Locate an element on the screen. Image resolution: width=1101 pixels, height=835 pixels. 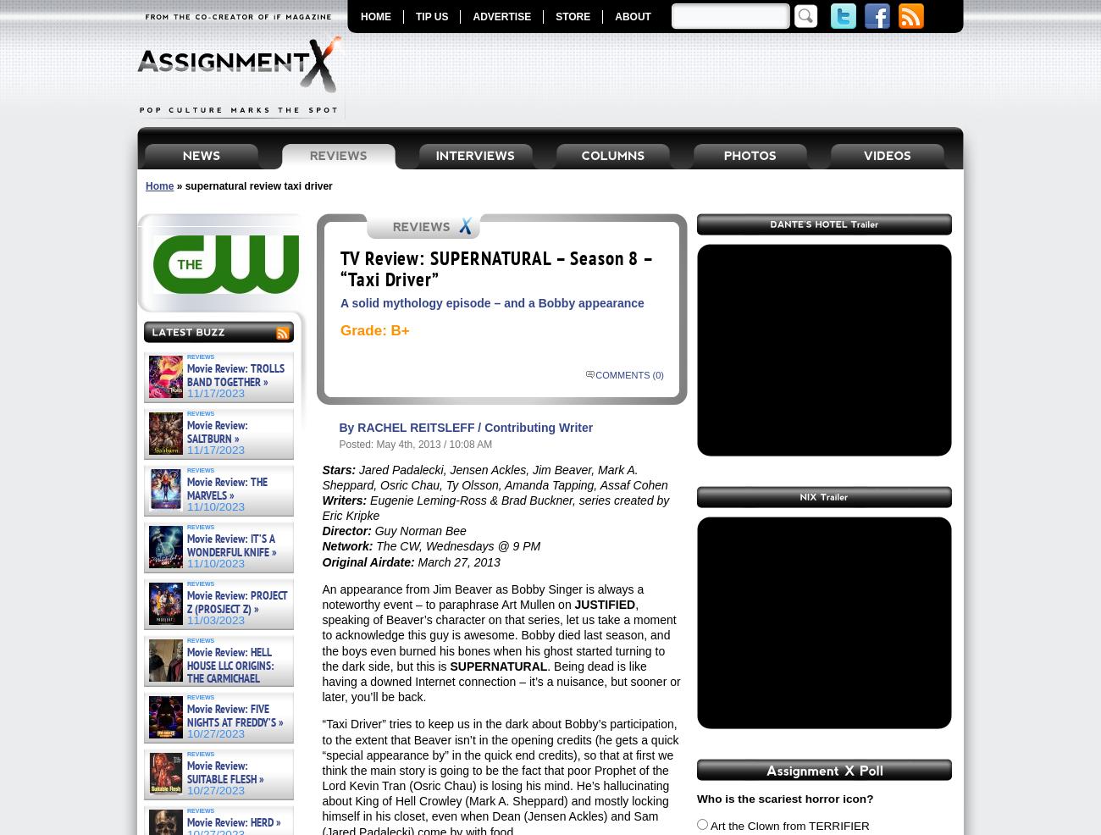
'11/03/2023' is located at coordinates (215, 619).